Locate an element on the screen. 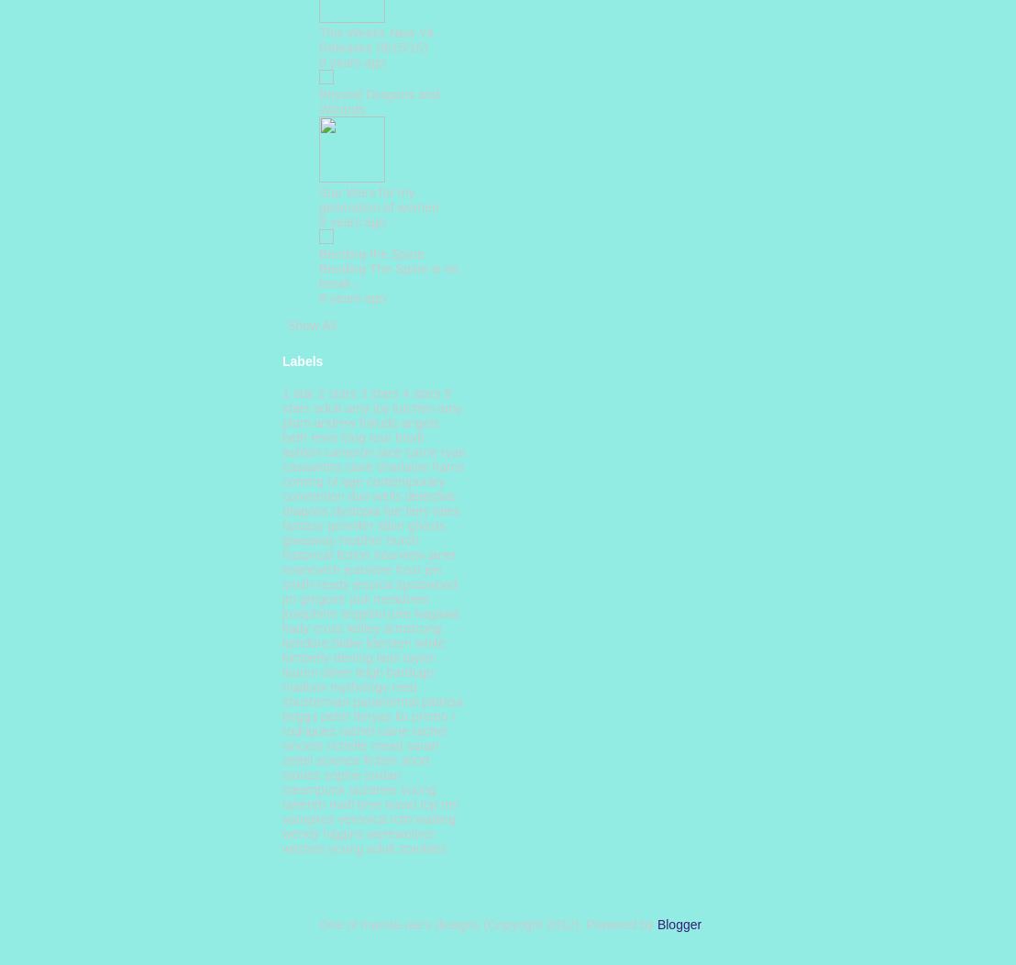  'wendy higgins' is located at coordinates (282, 832).